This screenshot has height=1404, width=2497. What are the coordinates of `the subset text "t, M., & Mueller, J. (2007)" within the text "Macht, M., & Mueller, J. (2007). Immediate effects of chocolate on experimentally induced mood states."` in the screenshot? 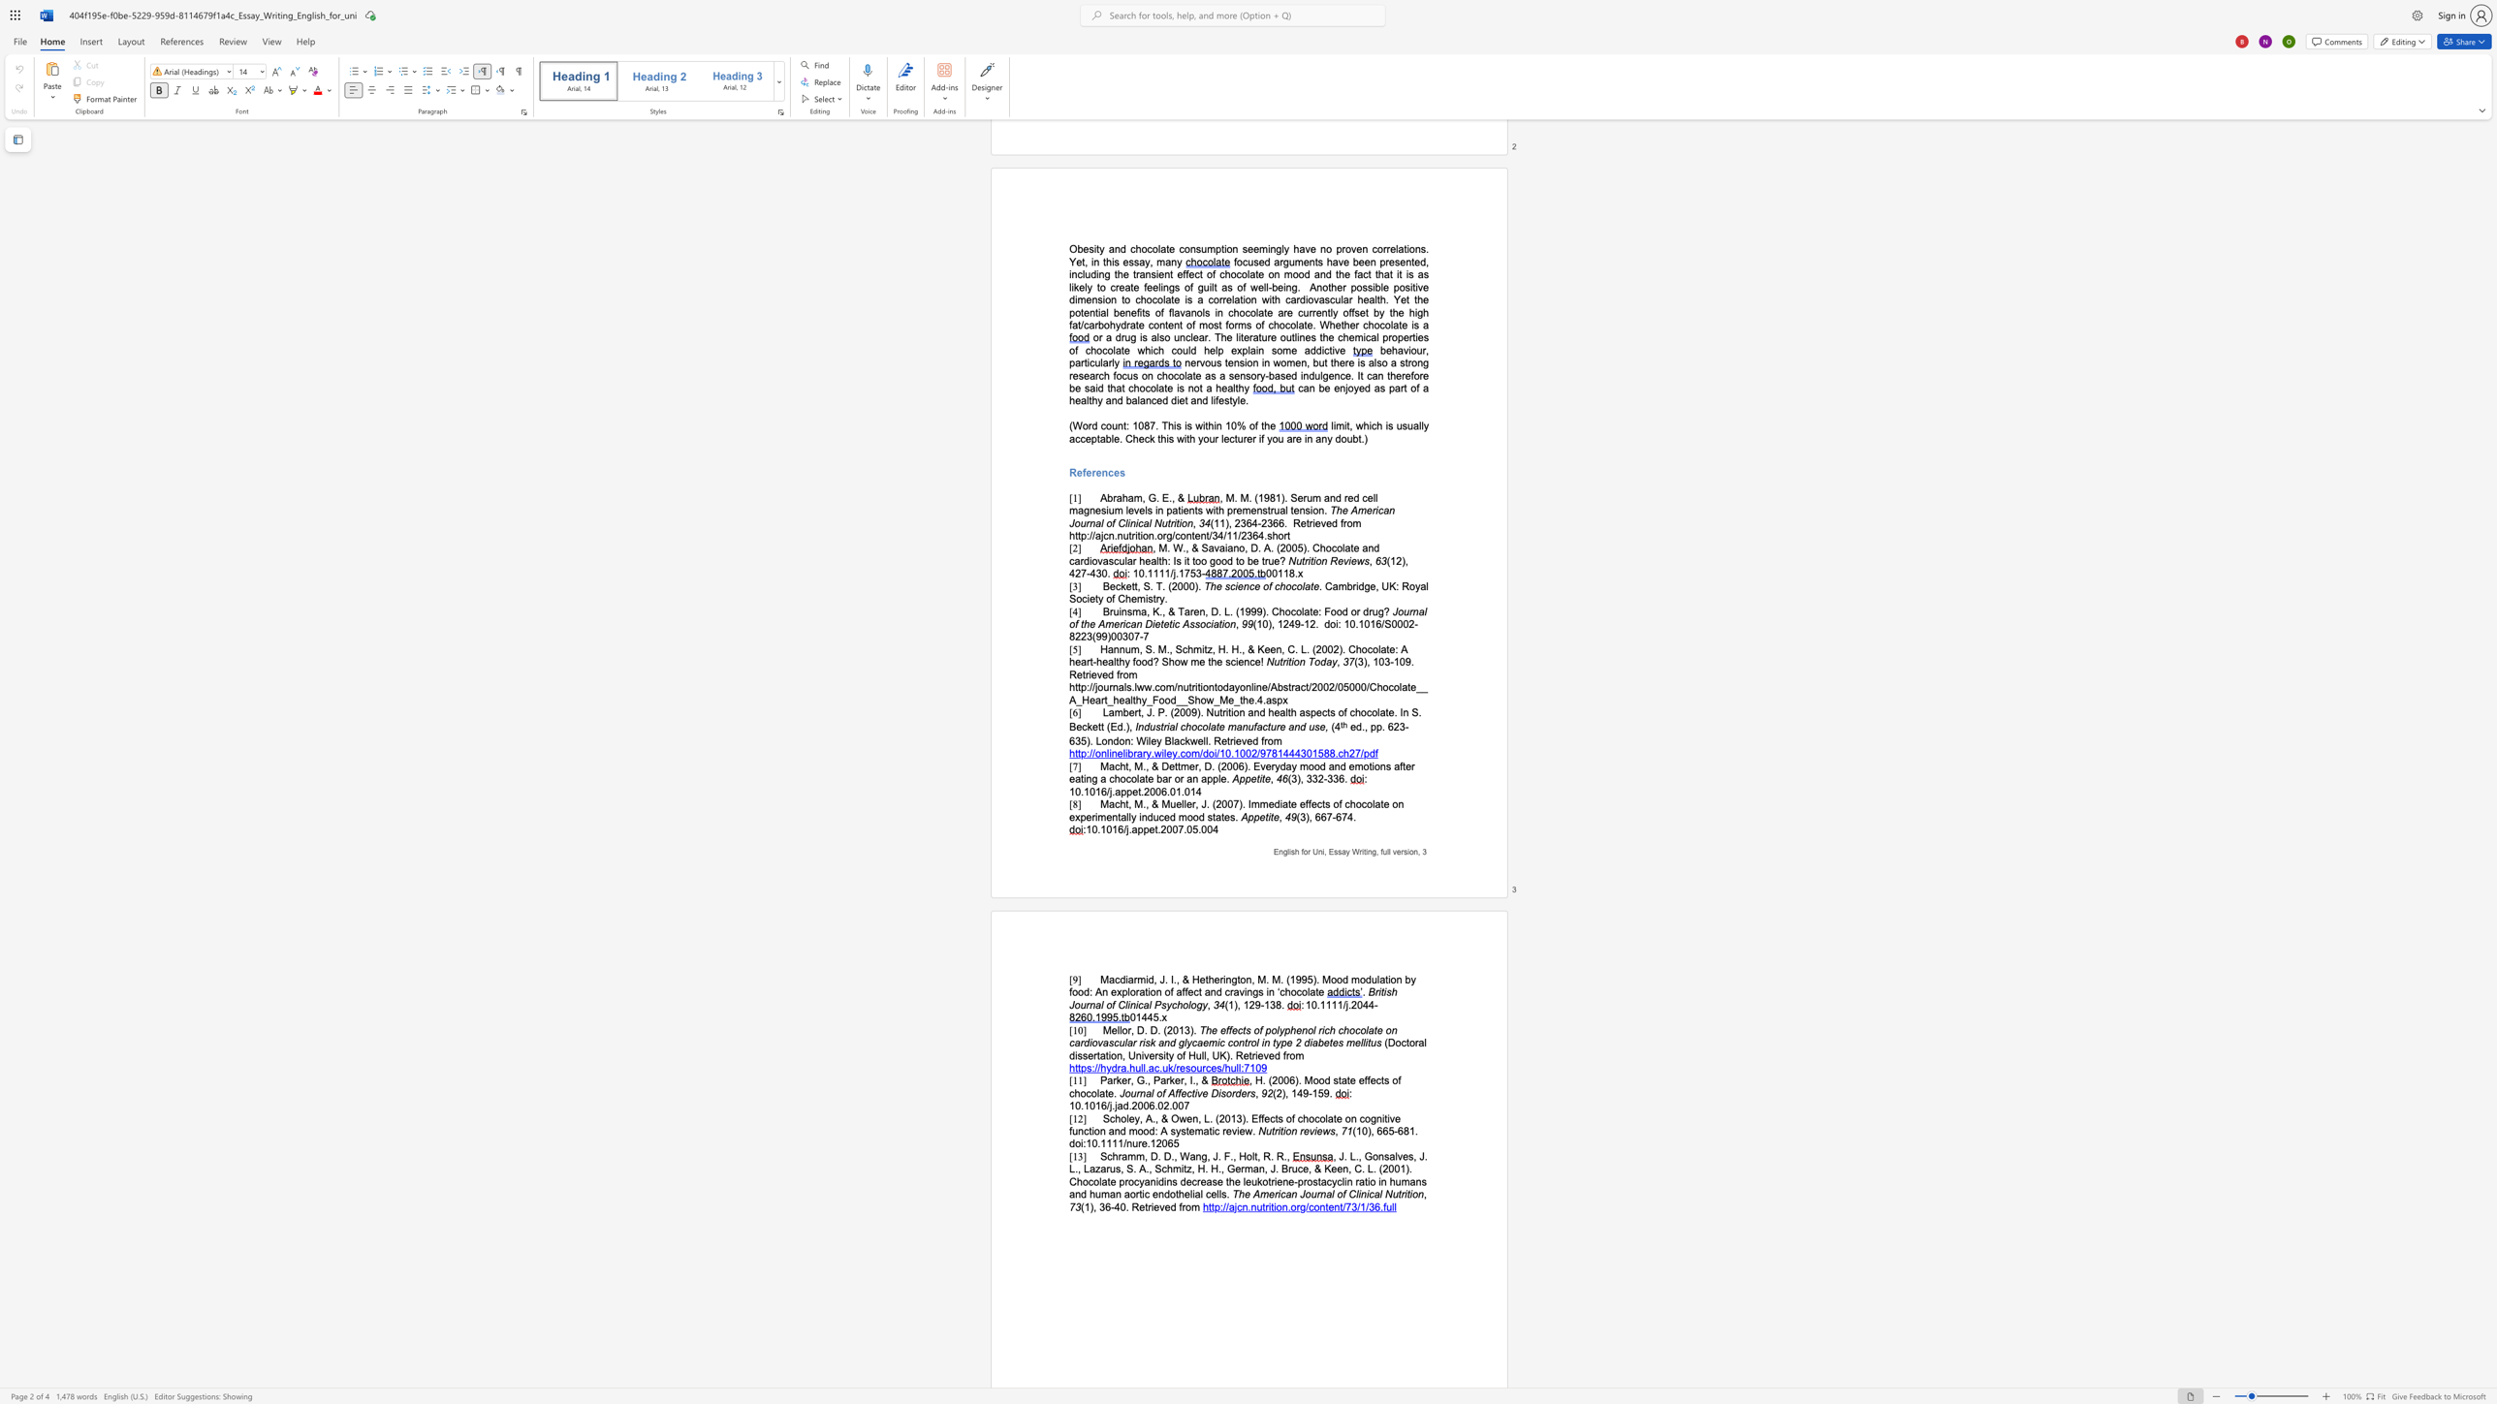 It's located at (1124, 803).